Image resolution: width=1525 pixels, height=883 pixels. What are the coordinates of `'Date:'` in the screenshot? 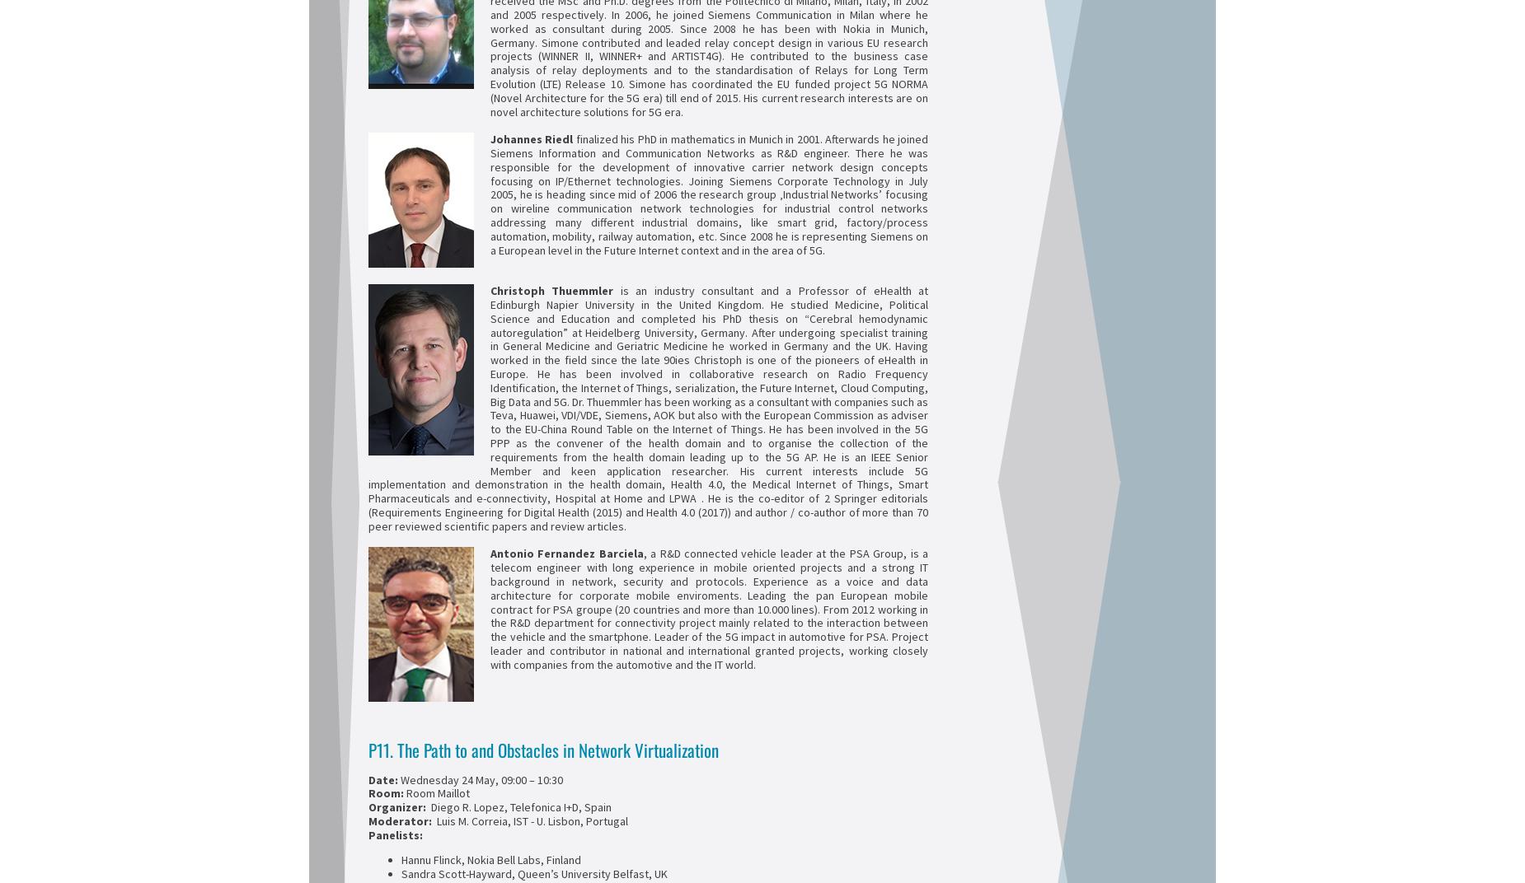 It's located at (384, 778).